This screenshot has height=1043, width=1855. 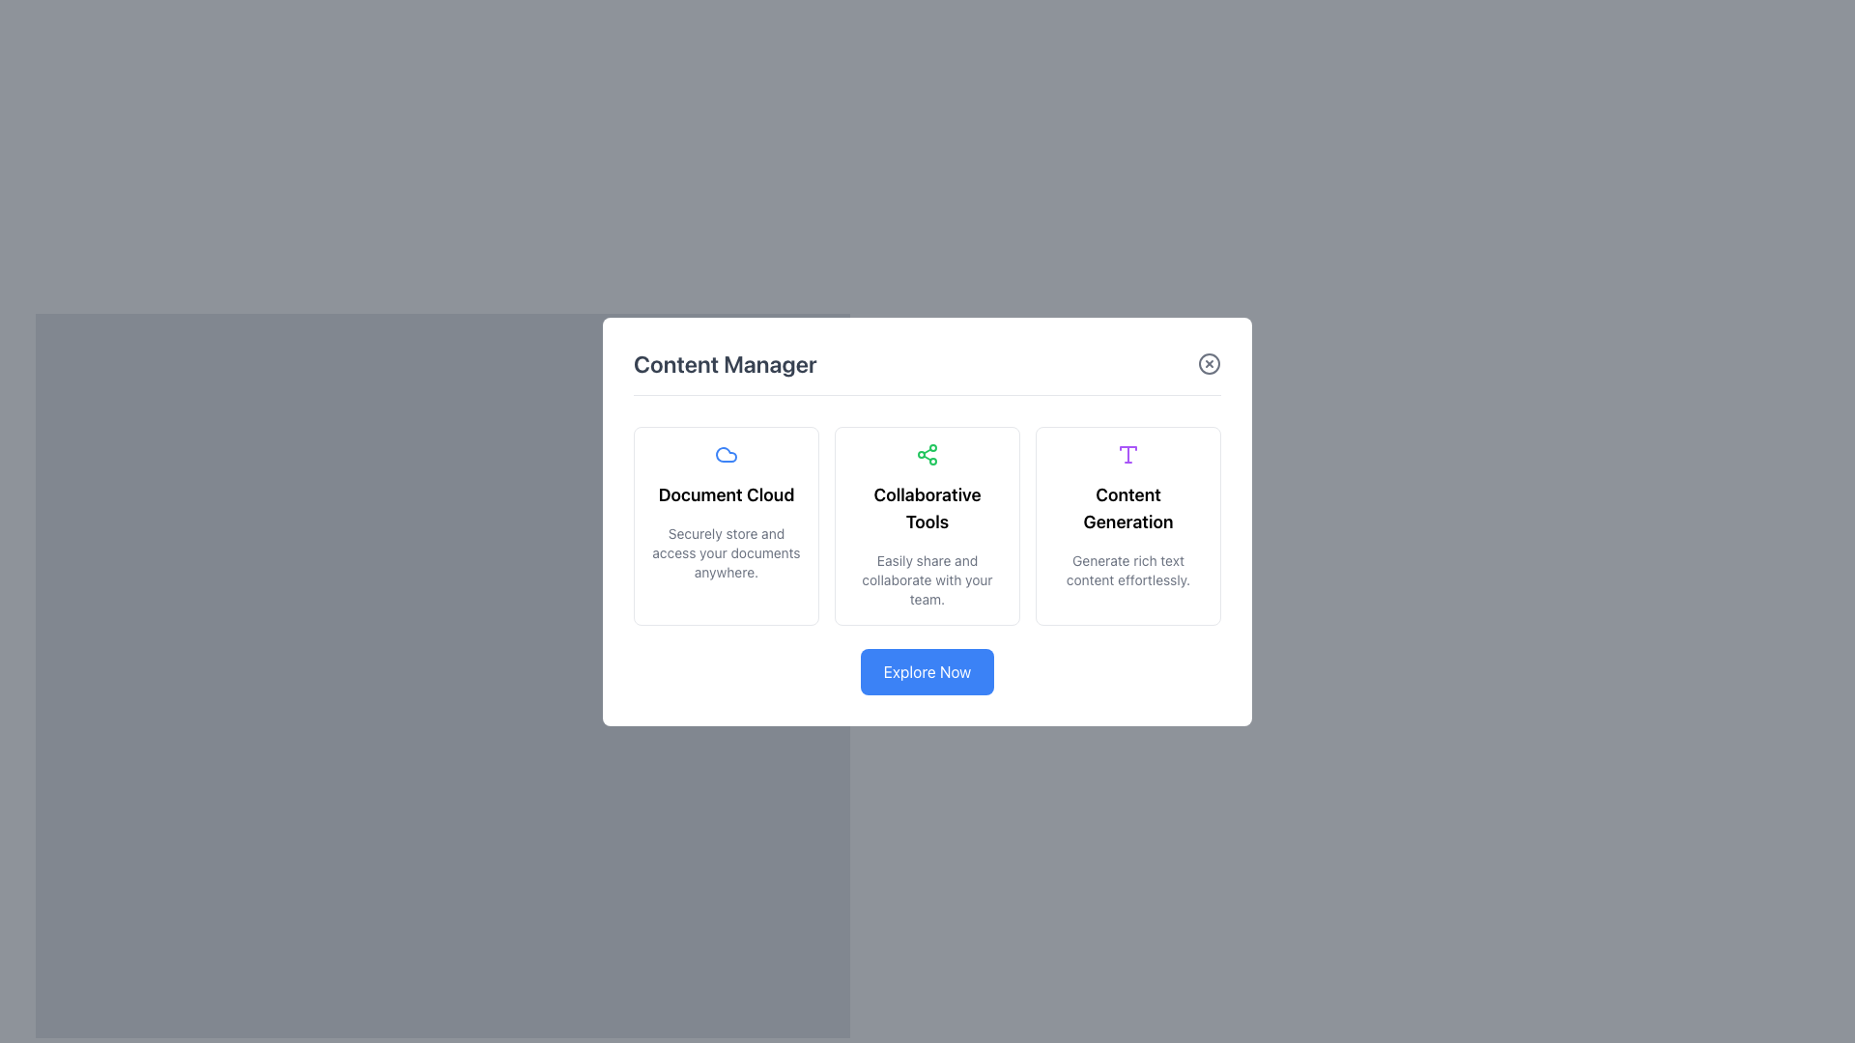 What do you see at coordinates (1127, 569) in the screenshot?
I see `text block that is styled in light gray and contains the content 'Generate rich text content effortlessly.', located in the 'Content Generation' section beneath the title heading` at bounding box center [1127, 569].